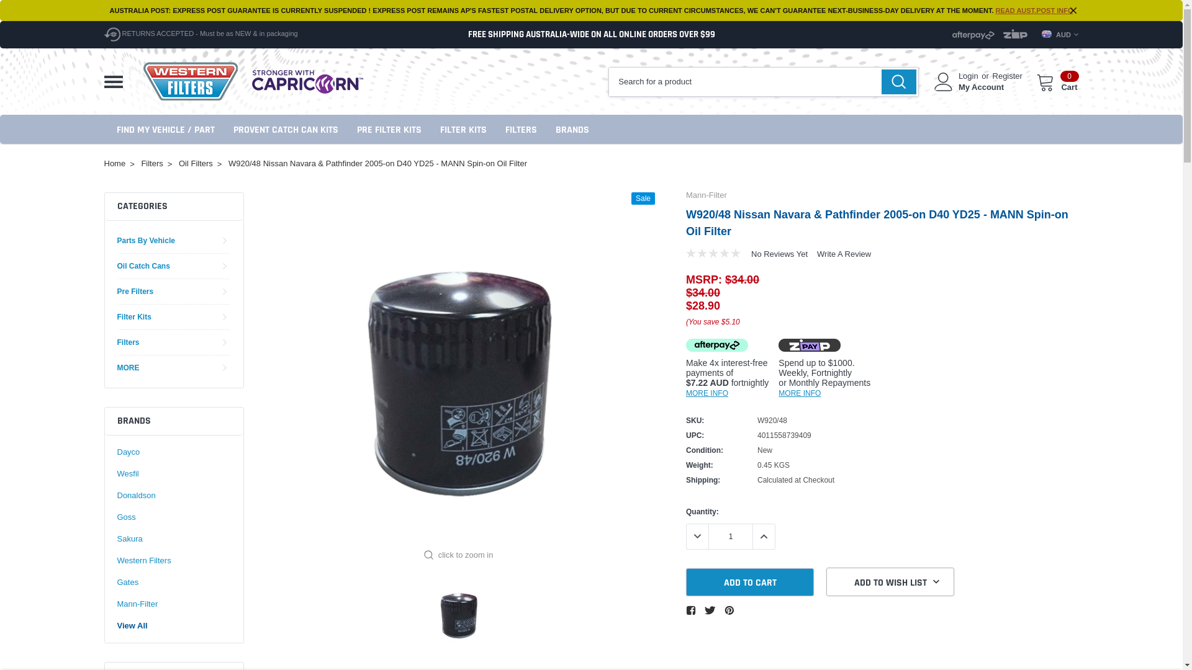 The height and width of the screenshot is (670, 1192). I want to click on 'Filters', so click(128, 342).